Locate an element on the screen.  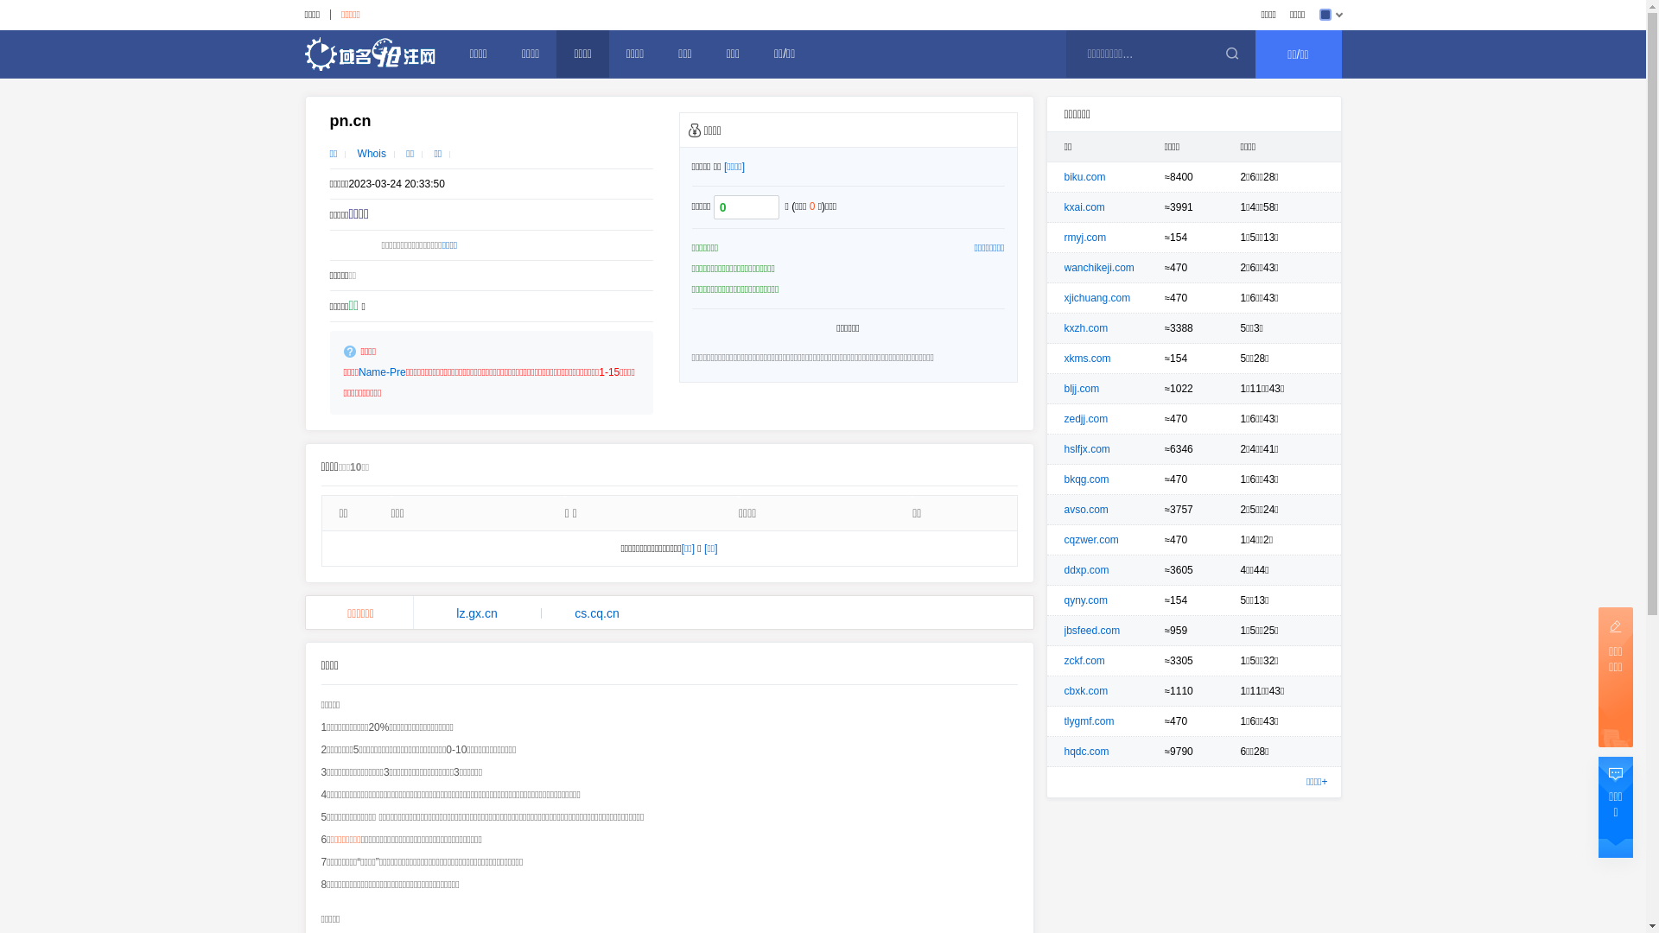
'qyny.com' is located at coordinates (1085, 599).